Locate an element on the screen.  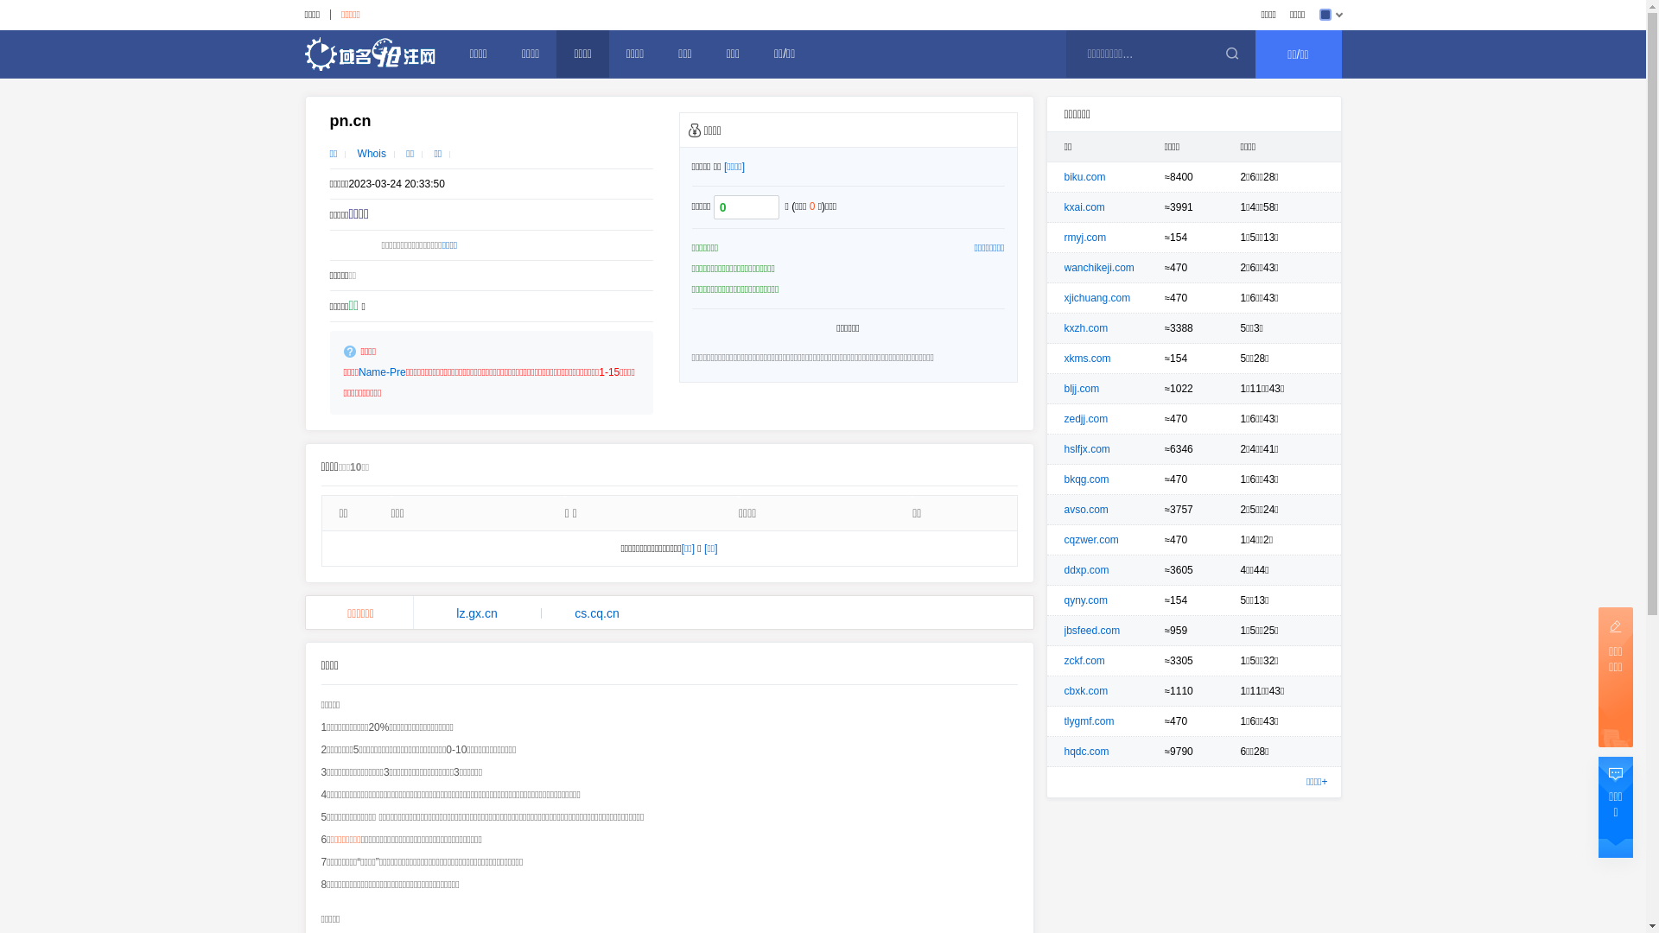
'qyny.com' is located at coordinates (1085, 599).